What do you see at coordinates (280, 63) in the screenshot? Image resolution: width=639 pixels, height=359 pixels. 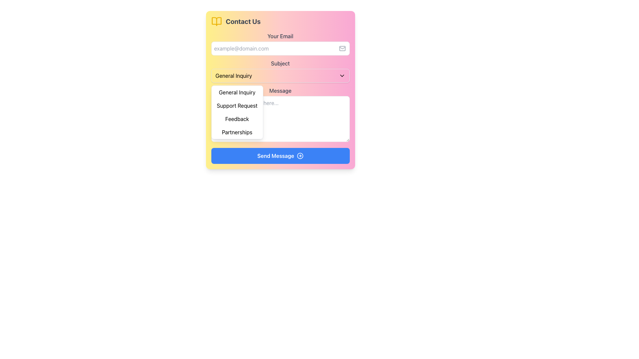 I see `the 'Subject' label, which indicates the purpose of the dropdown menu labeled 'General Inquiry' below it` at bounding box center [280, 63].